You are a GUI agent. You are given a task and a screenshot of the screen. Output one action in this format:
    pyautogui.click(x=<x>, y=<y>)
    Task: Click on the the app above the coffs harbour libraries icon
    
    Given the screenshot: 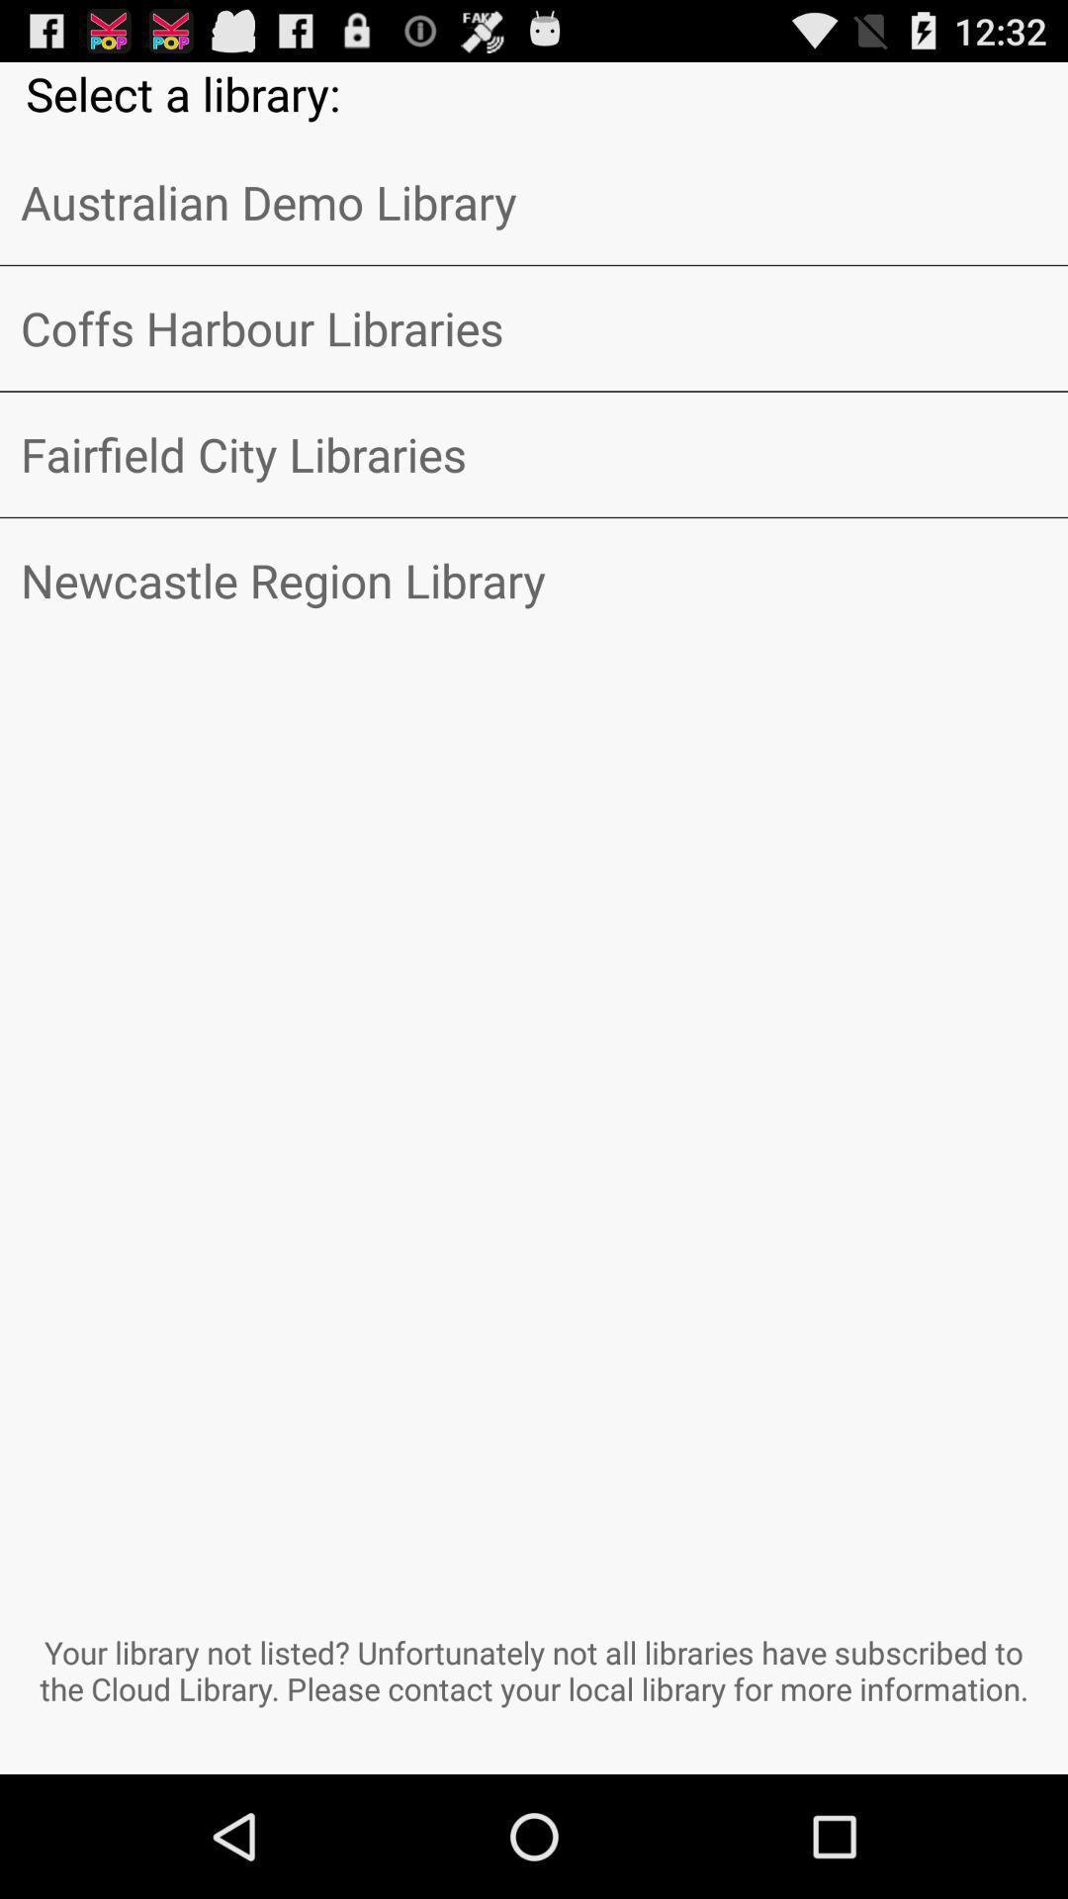 What is the action you would take?
    pyautogui.click(x=534, y=202)
    